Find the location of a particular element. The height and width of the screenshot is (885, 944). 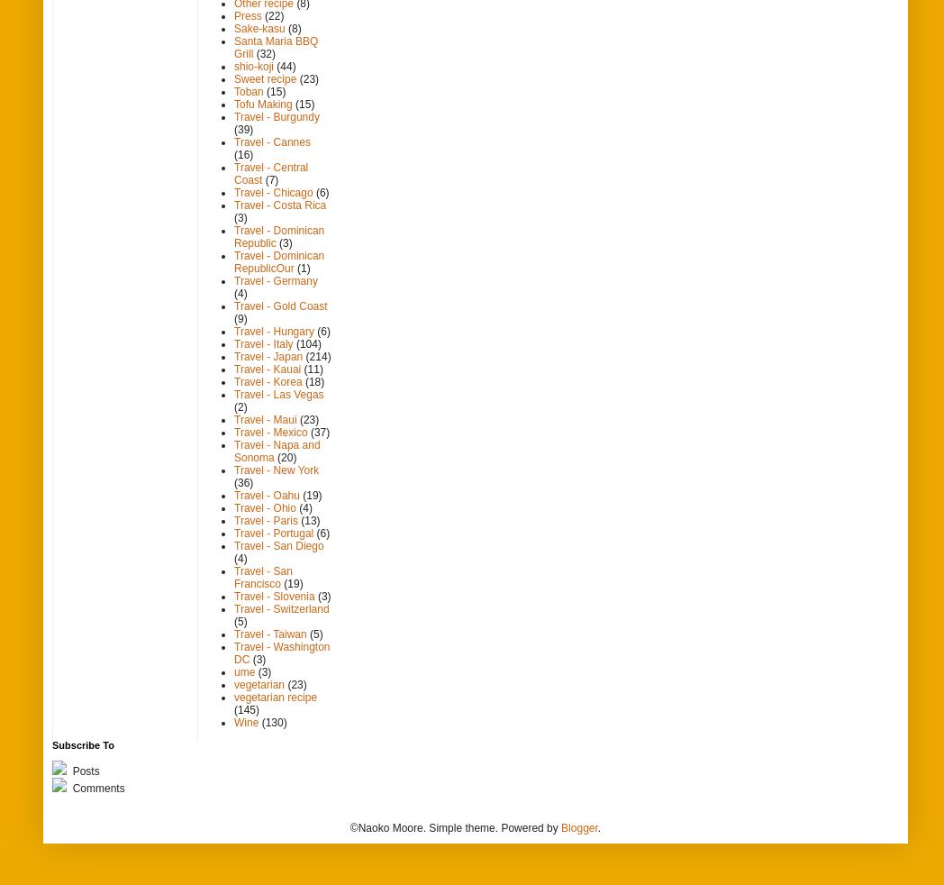

'Posts' is located at coordinates (83, 771).